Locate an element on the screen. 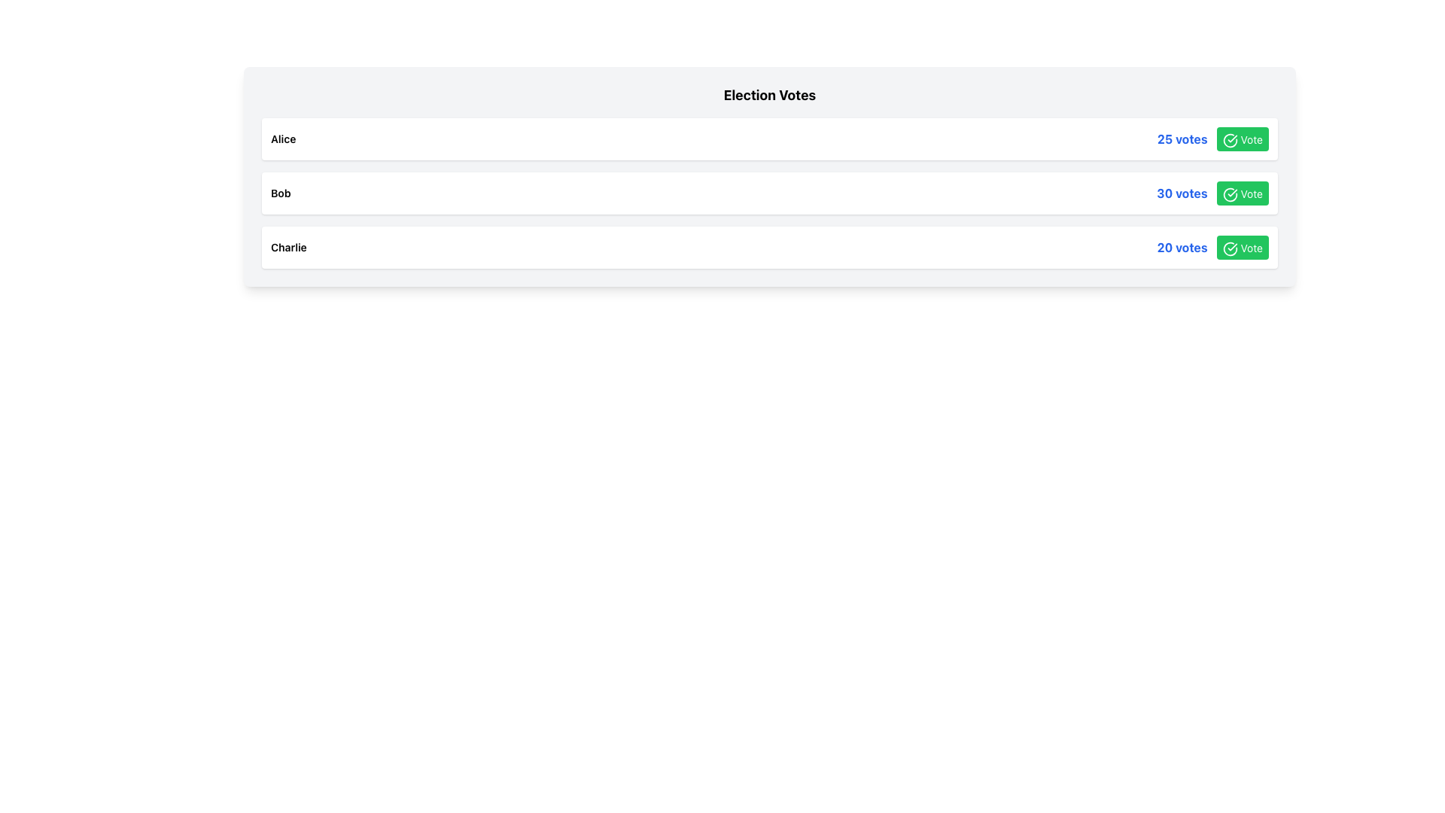  the 'Vote' button located in the top row of the vertically-stacked list interface, which displays '25 votes' and follows the label 'Alice' is located at coordinates (1213, 139).